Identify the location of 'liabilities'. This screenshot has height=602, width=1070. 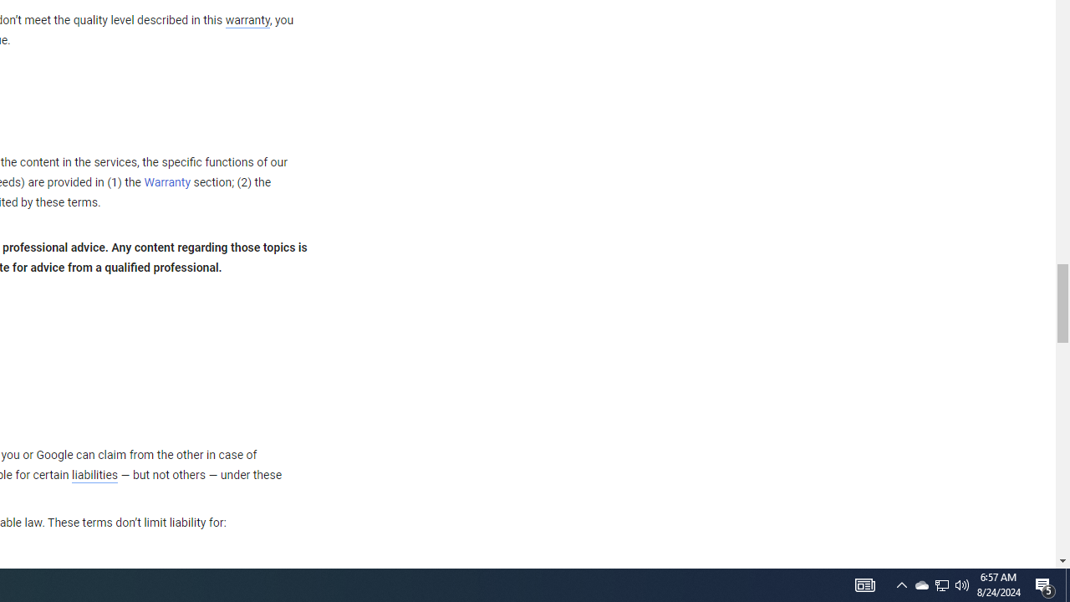
(94, 475).